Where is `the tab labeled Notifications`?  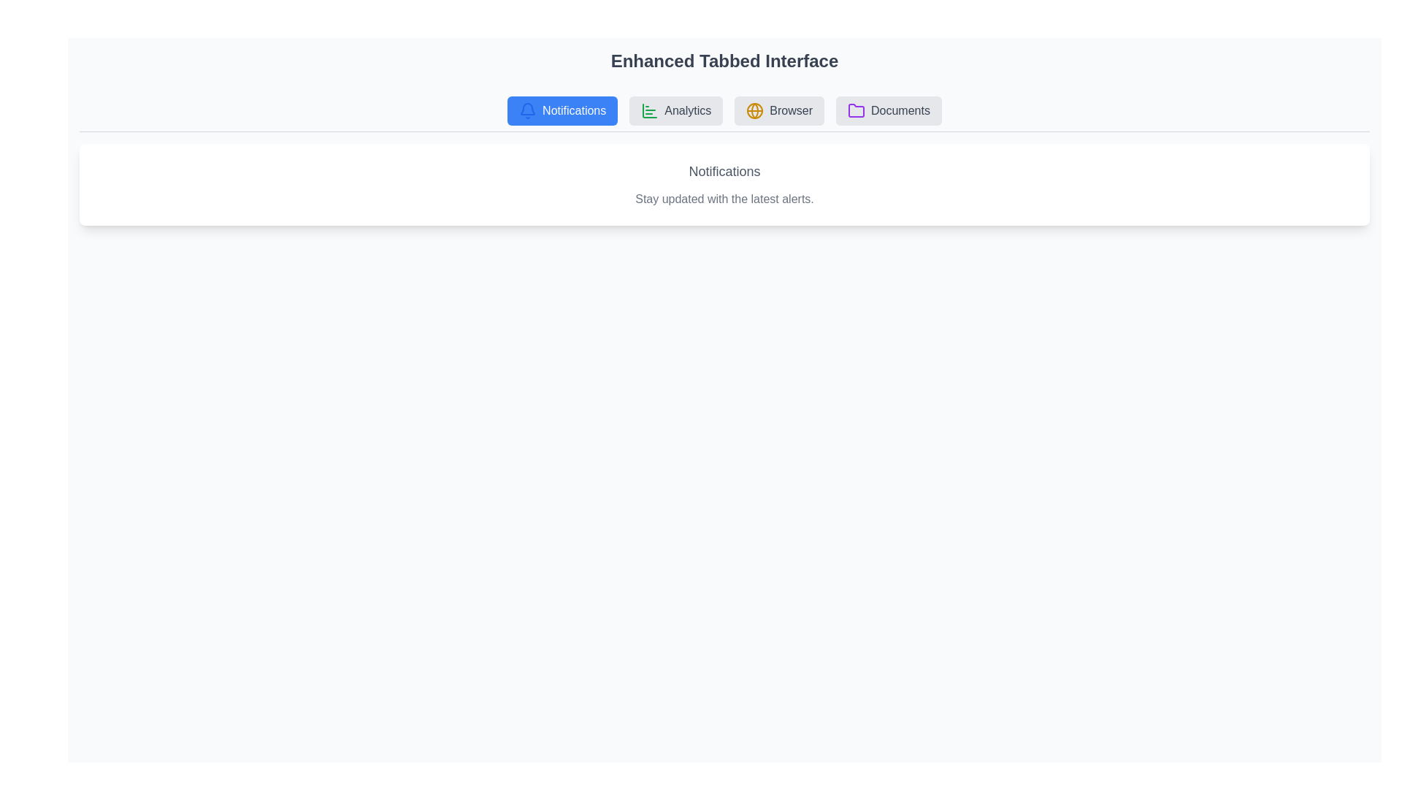 the tab labeled Notifications is located at coordinates (561, 110).